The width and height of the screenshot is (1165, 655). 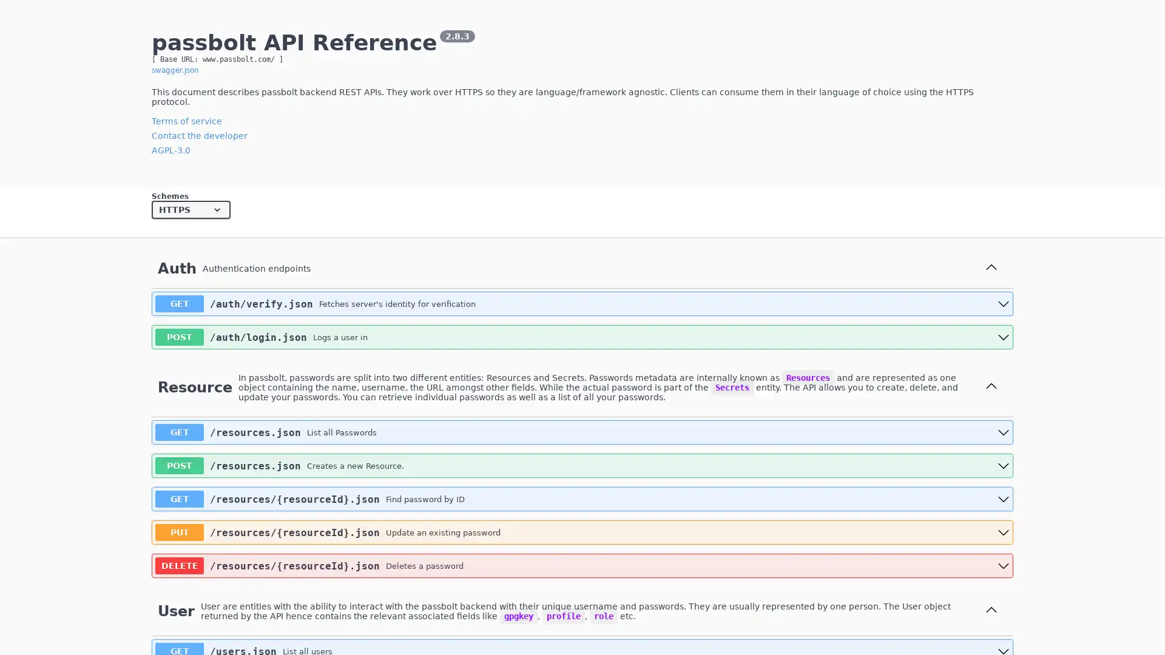 I want to click on Collapse operation, so click(x=991, y=267).